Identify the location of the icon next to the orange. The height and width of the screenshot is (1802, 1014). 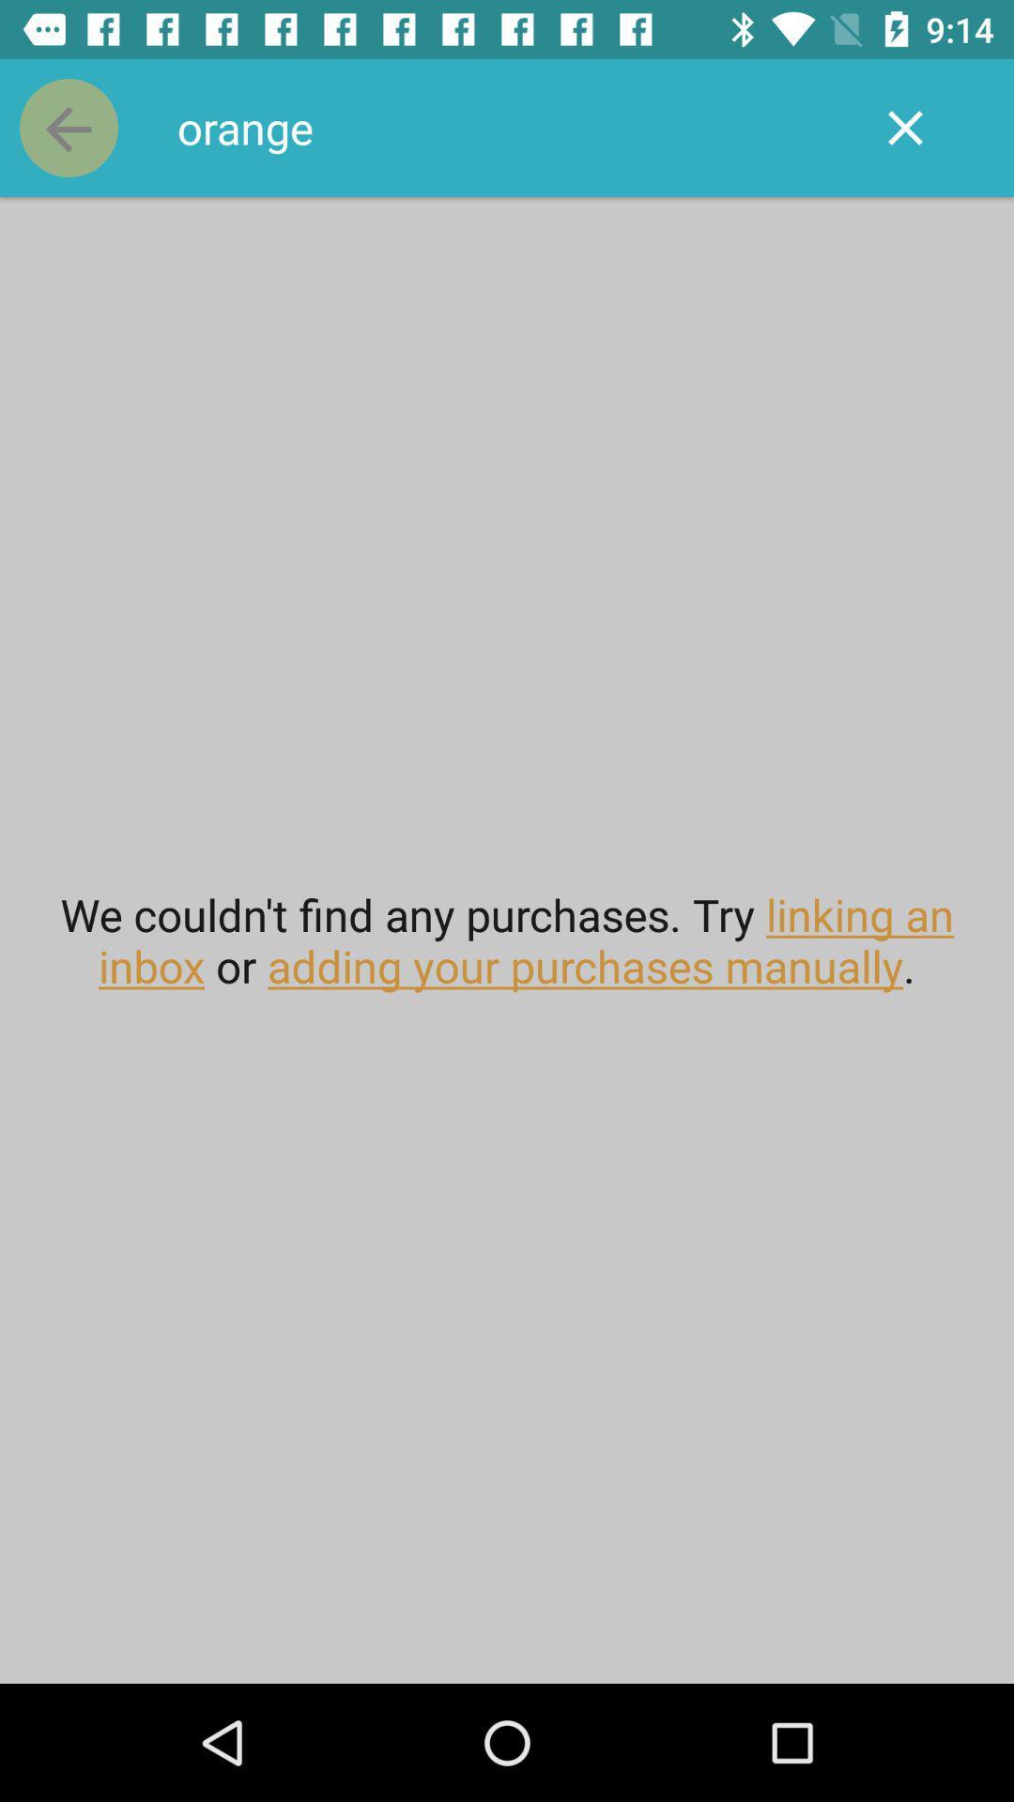
(68, 127).